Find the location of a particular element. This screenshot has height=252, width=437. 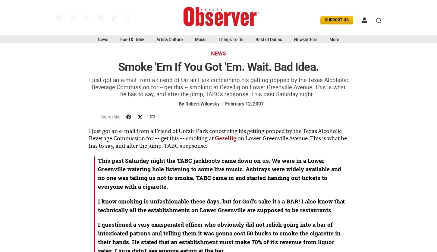

'February 12, 2007' is located at coordinates (244, 103).